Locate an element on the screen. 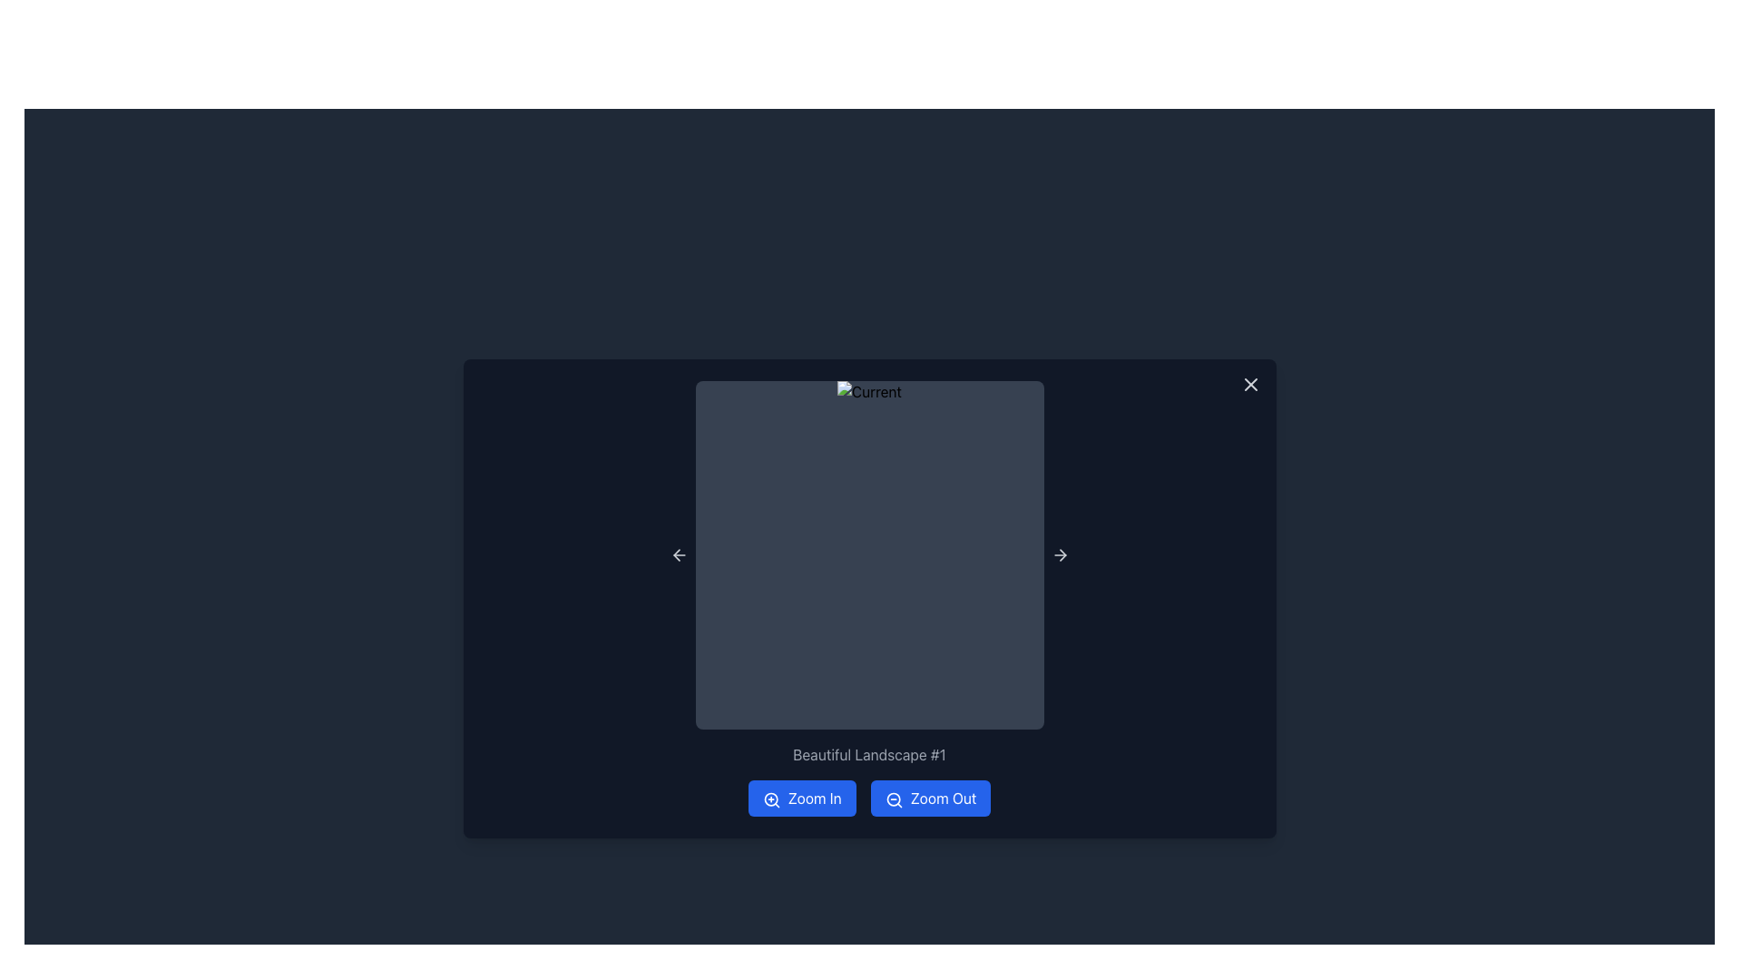  the zoom-in icon located to the left of the 'Zoom In' button at the bottom center of the interface is located at coordinates (771, 799).